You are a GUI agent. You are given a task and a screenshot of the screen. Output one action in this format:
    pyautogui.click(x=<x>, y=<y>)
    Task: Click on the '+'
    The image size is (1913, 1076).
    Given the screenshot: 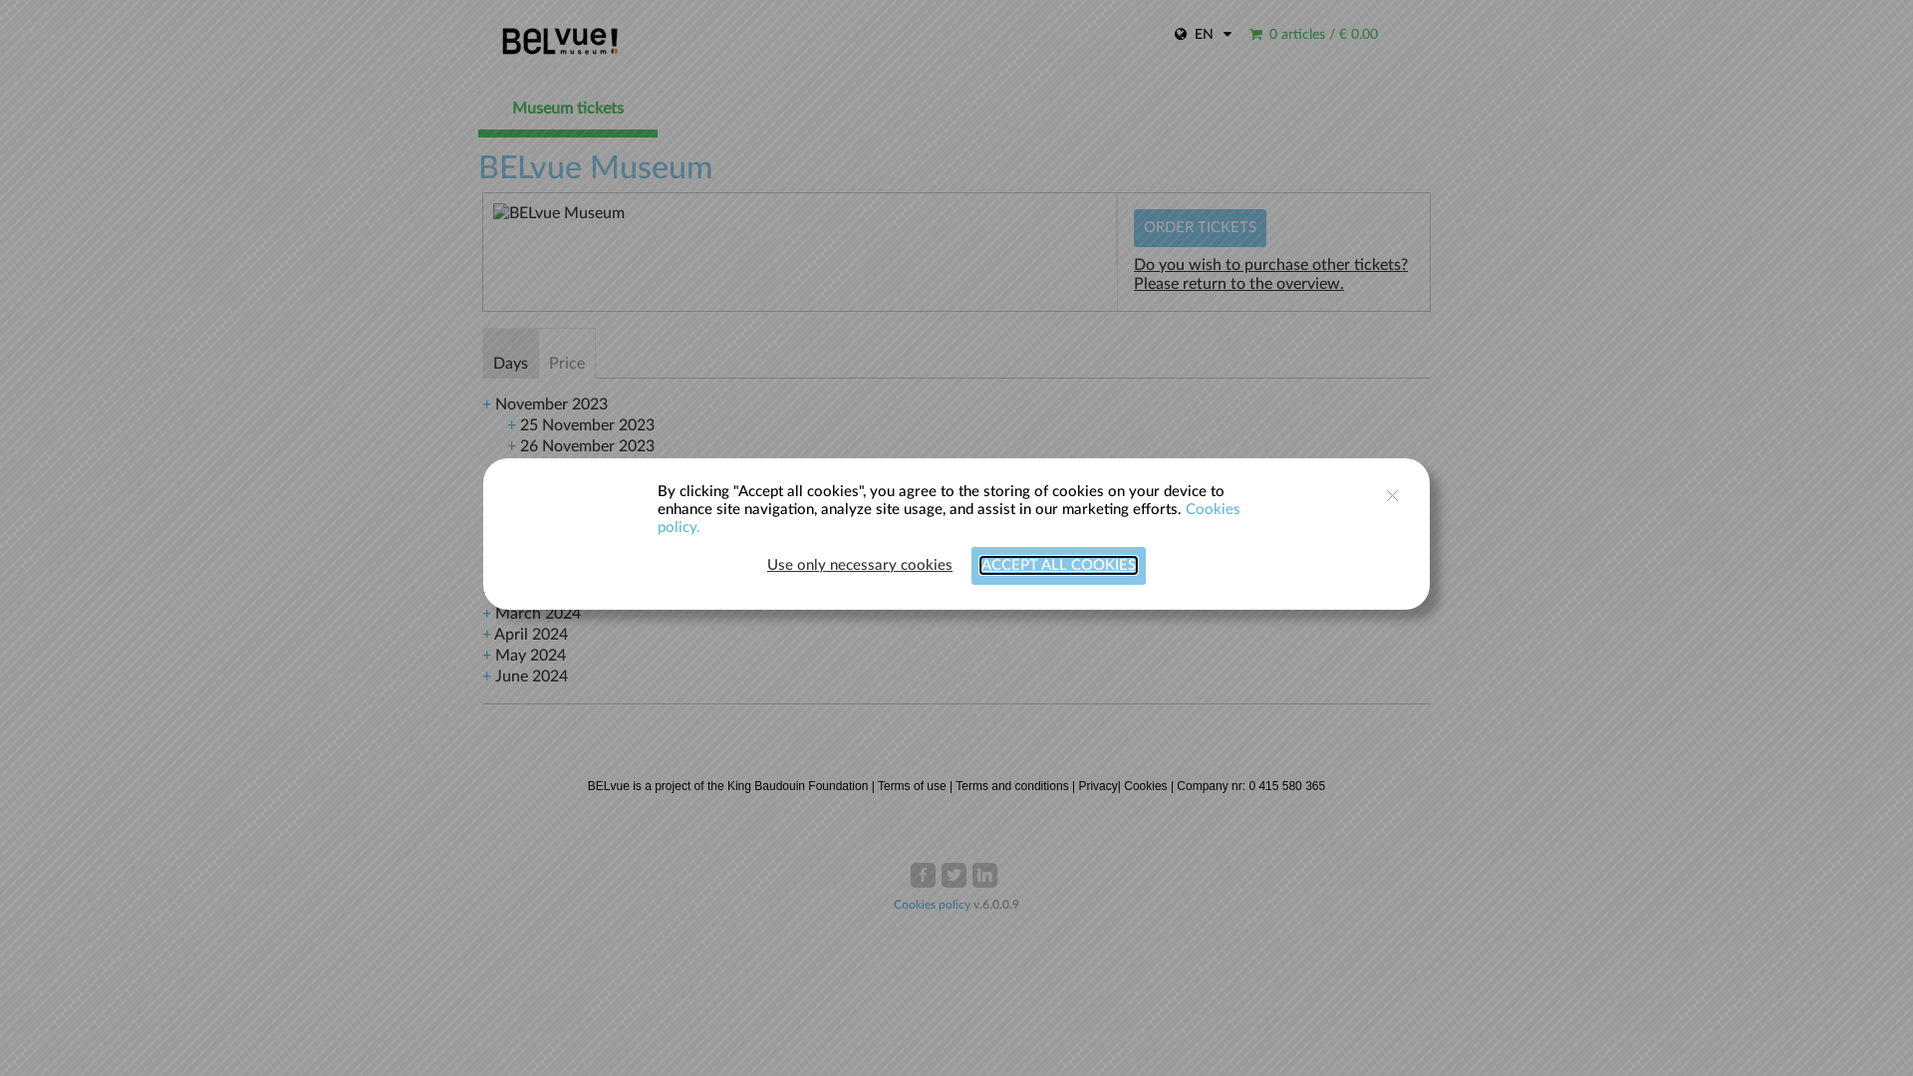 What is the action you would take?
    pyautogui.click(x=511, y=444)
    